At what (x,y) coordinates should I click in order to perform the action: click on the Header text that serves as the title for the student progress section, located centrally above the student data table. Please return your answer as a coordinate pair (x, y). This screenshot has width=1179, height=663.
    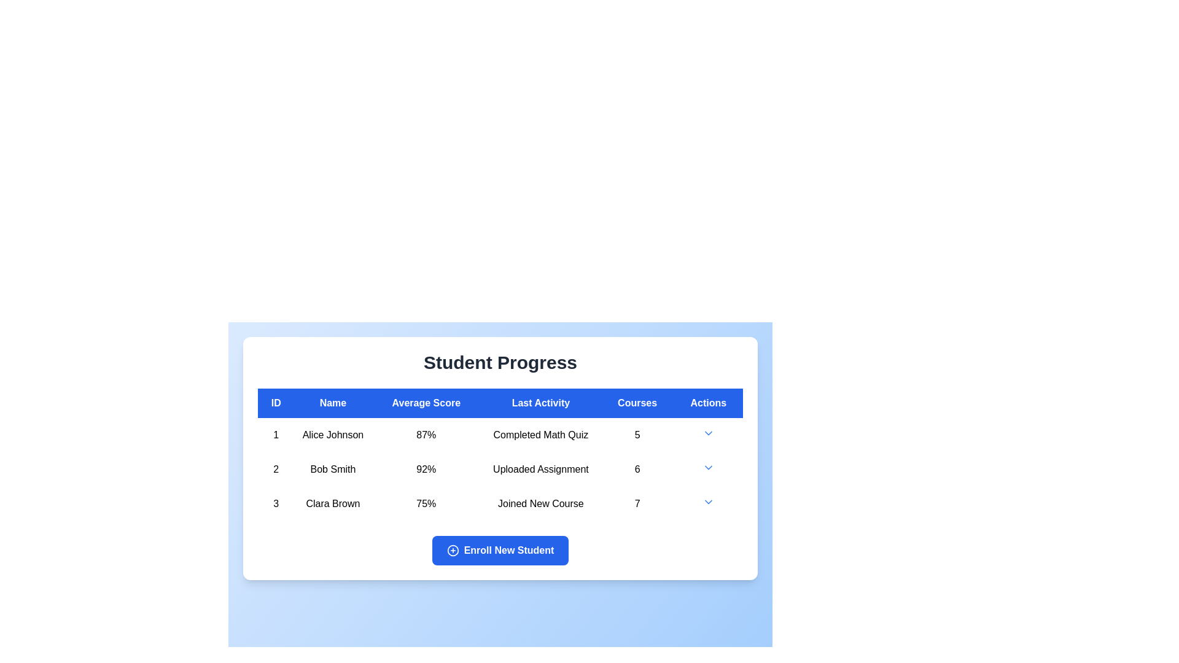
    Looking at the image, I should click on (500, 362).